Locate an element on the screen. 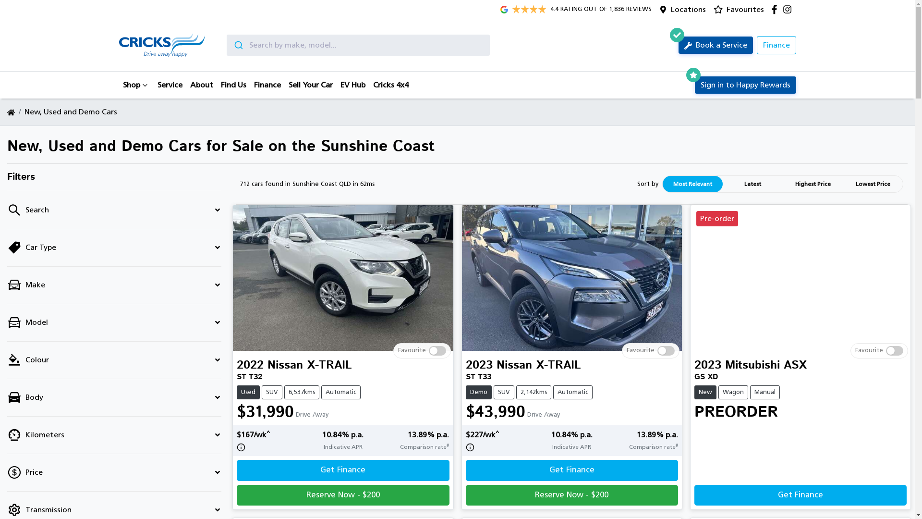 This screenshot has height=519, width=922. 'EV Hub' is located at coordinates (336, 85).